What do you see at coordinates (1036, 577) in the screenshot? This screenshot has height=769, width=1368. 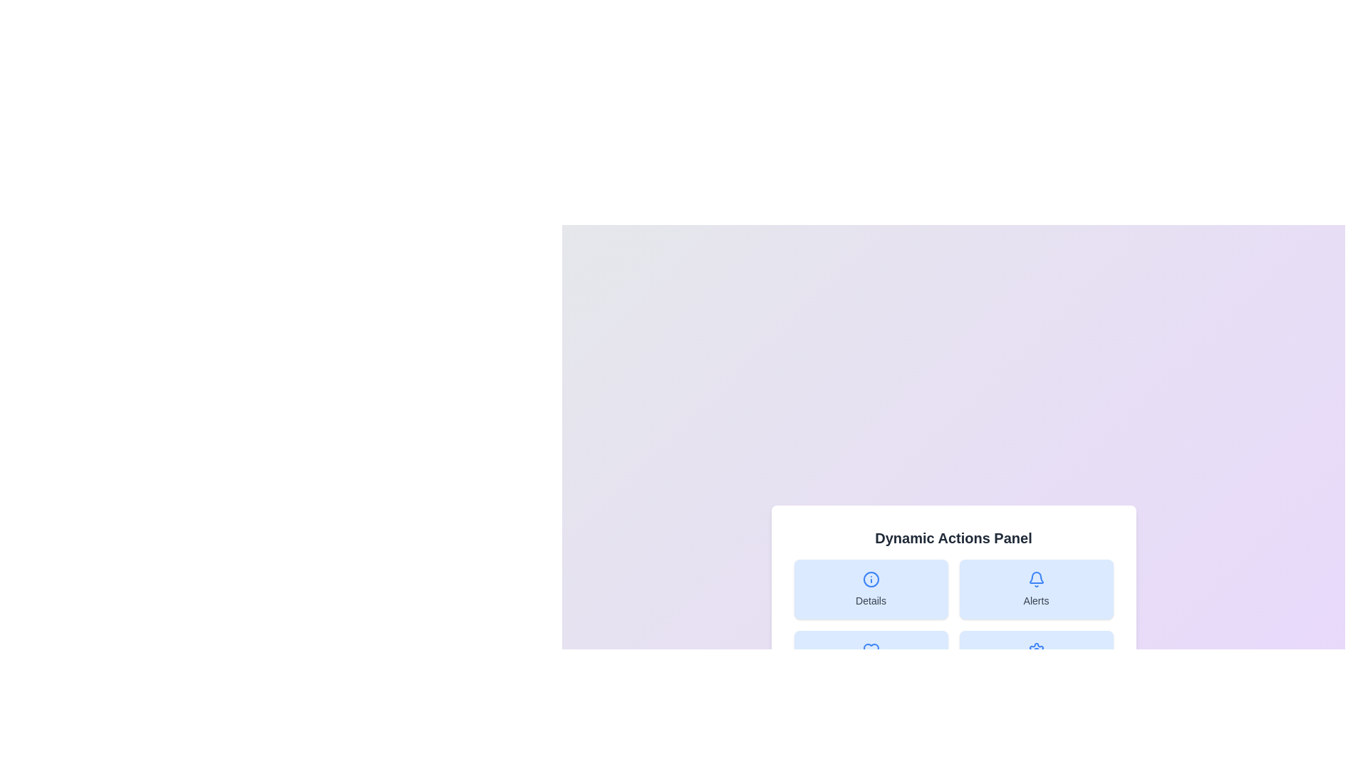 I see `the bell icon within the 'Dynamic Actions Panel'` at bounding box center [1036, 577].